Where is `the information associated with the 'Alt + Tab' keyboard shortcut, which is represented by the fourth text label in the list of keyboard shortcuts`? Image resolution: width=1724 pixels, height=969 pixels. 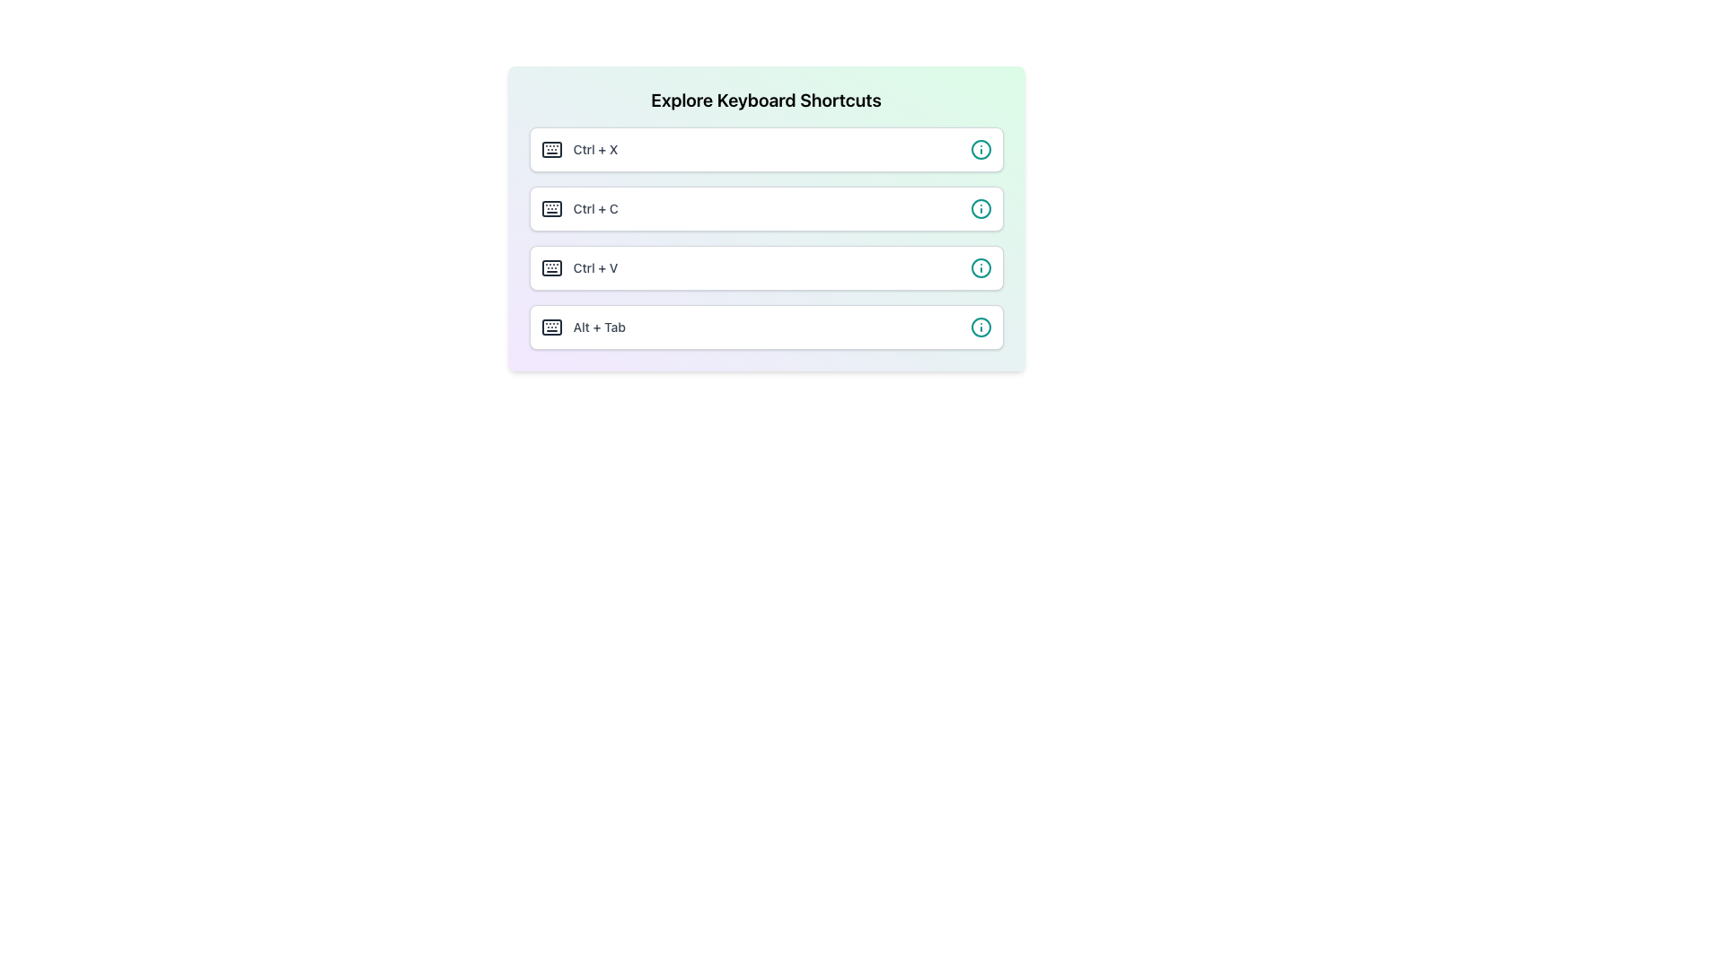 the information associated with the 'Alt + Tab' keyboard shortcut, which is represented by the fourth text label in the list of keyboard shortcuts is located at coordinates (583, 327).